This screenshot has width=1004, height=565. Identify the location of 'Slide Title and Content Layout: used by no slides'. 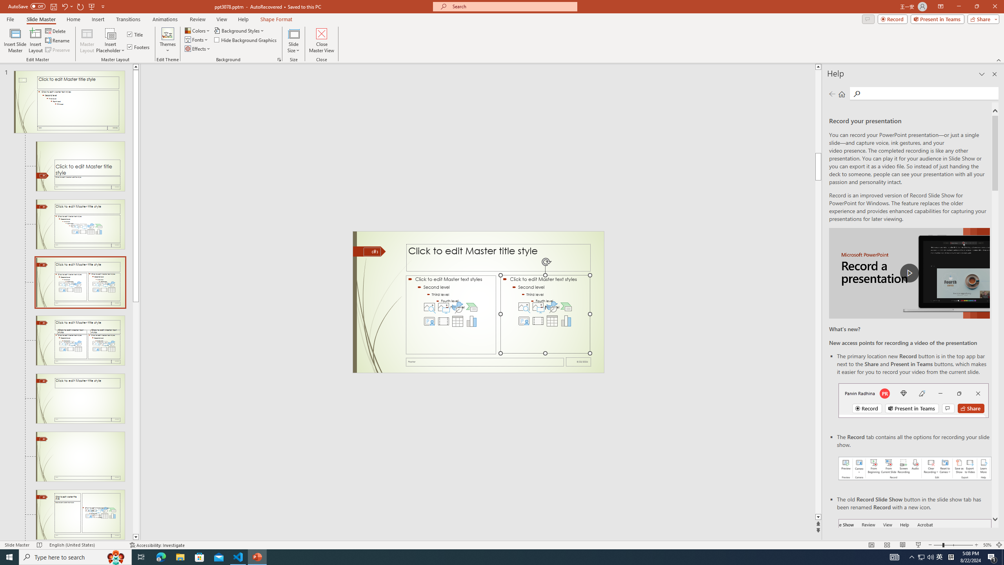
(80, 224).